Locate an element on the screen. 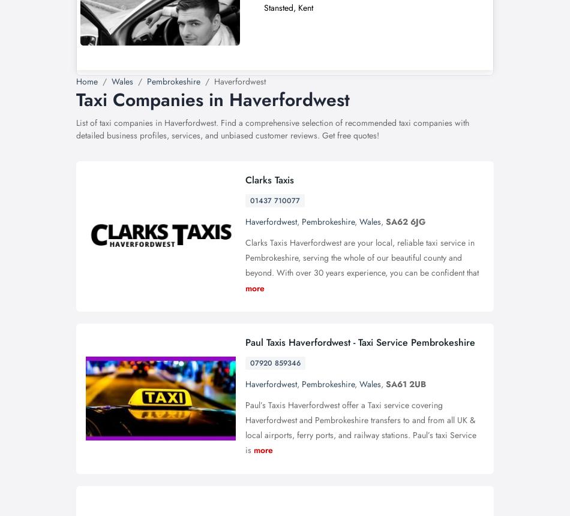 The width and height of the screenshot is (570, 516). 'HOW DO I ADD A BUSINESS LISTING?' is located at coordinates (172, 117).